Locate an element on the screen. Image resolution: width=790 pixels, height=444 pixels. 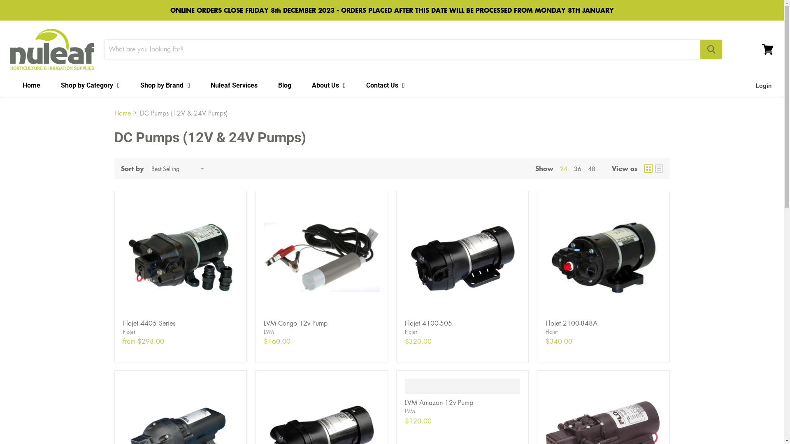
'Contact Us' is located at coordinates (353, 85).